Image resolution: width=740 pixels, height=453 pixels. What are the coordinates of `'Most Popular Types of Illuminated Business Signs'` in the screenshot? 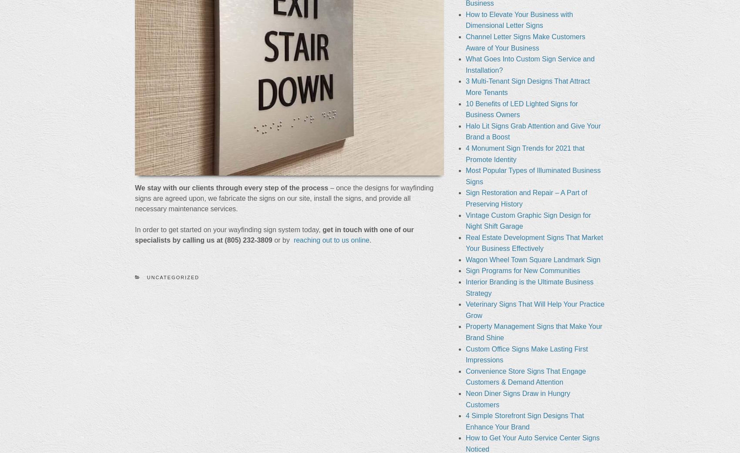 It's located at (532, 176).